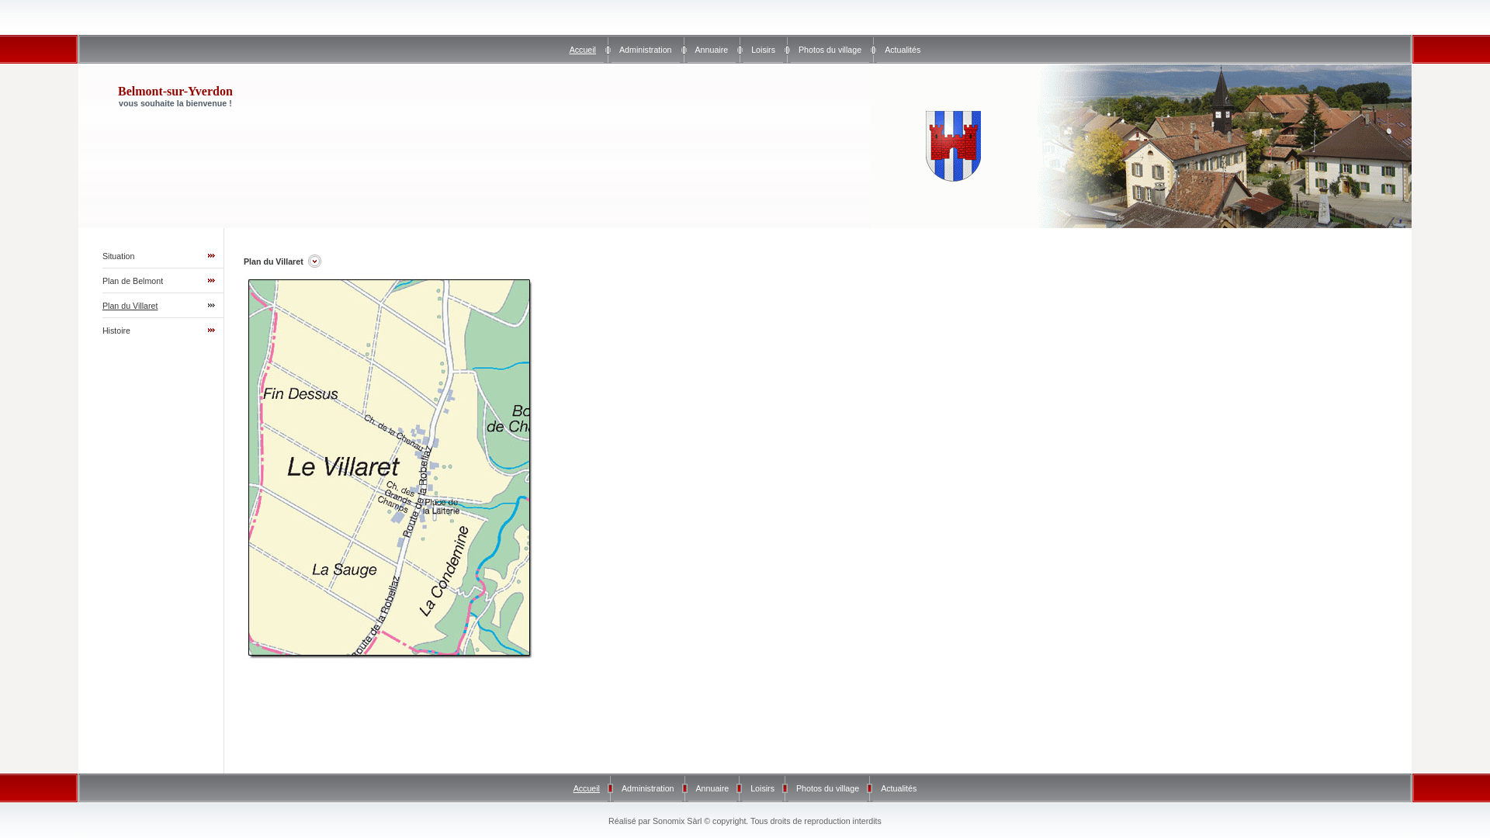 The height and width of the screenshot is (838, 1490). I want to click on 'Accueil', so click(585, 788).